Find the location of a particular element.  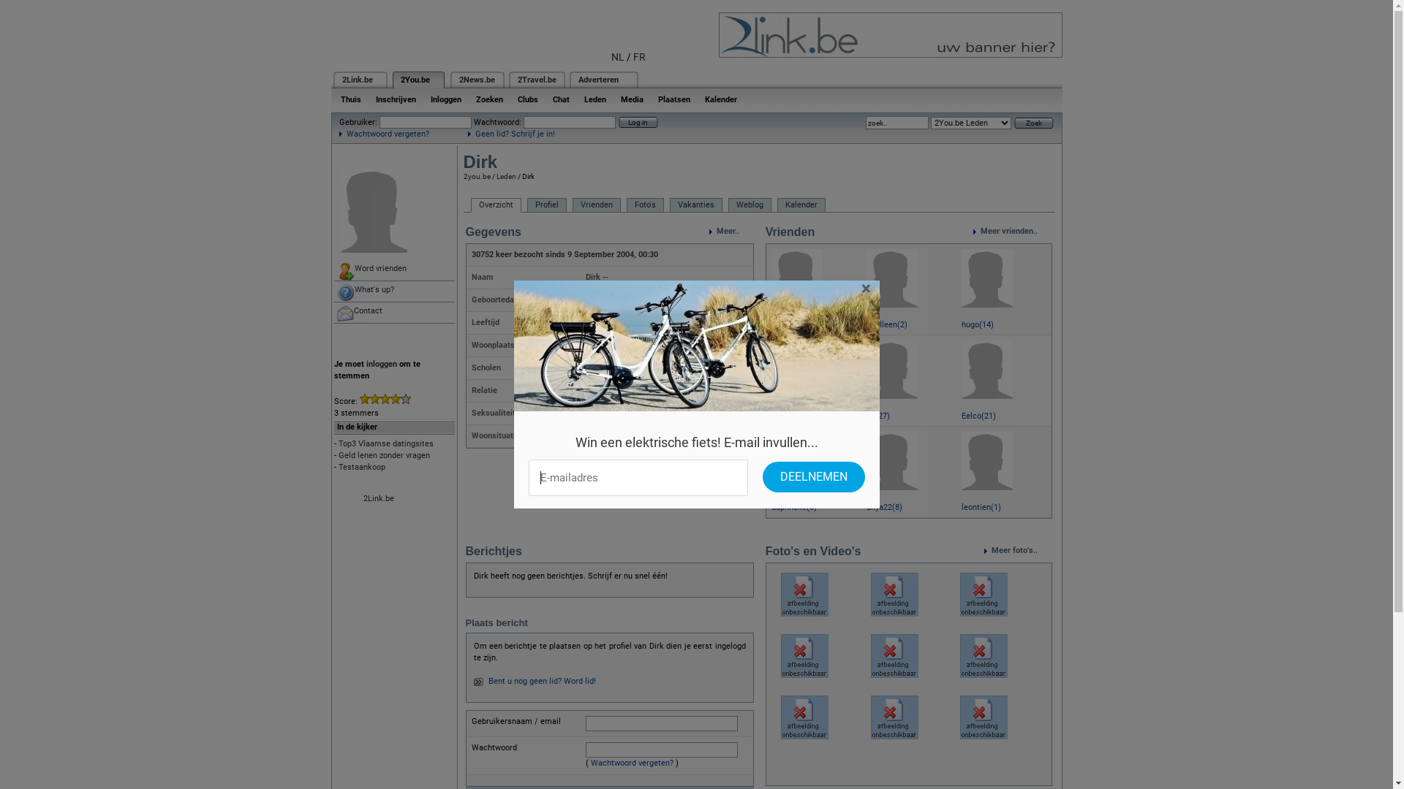

'Inloggen' is located at coordinates (445, 99).